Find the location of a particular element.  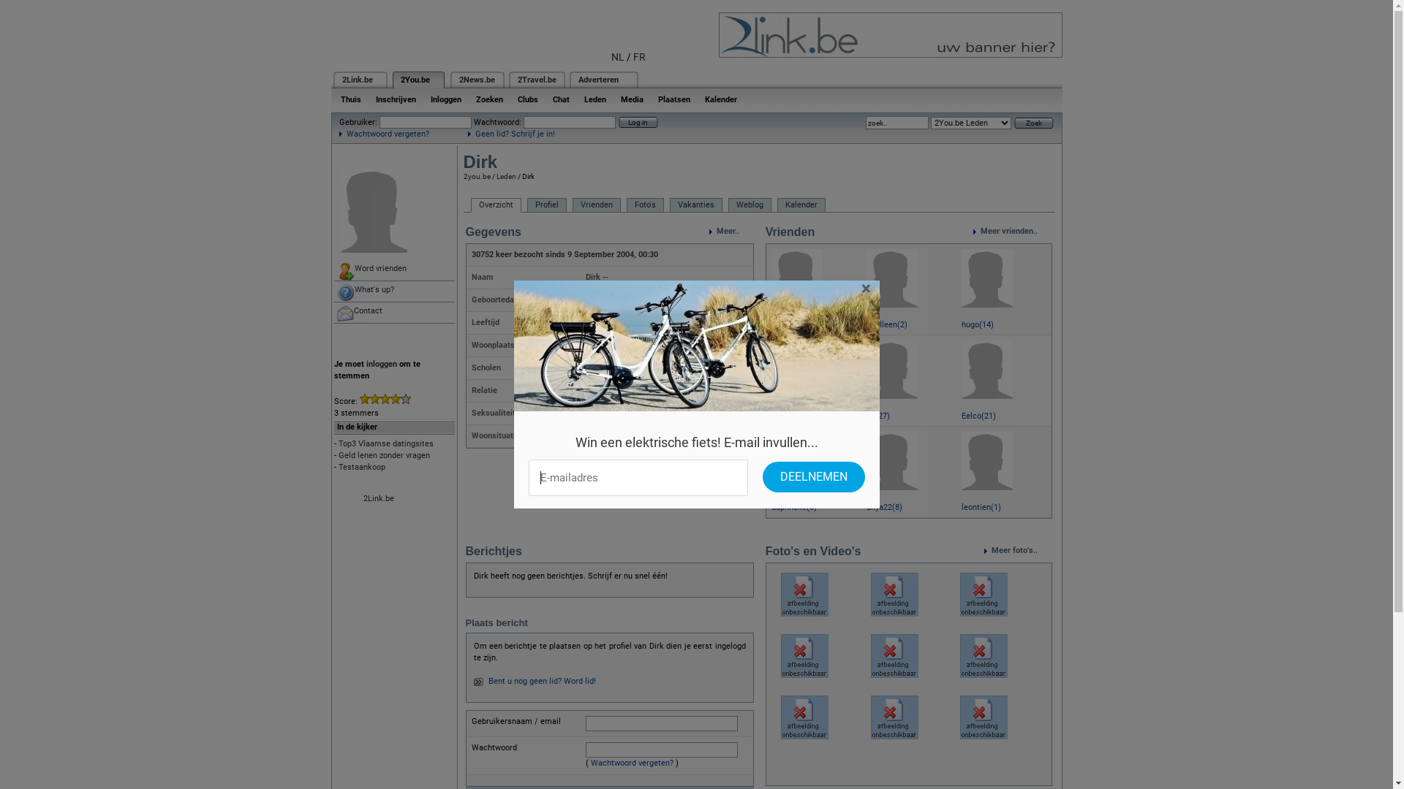

'Inloggen' is located at coordinates (445, 99).